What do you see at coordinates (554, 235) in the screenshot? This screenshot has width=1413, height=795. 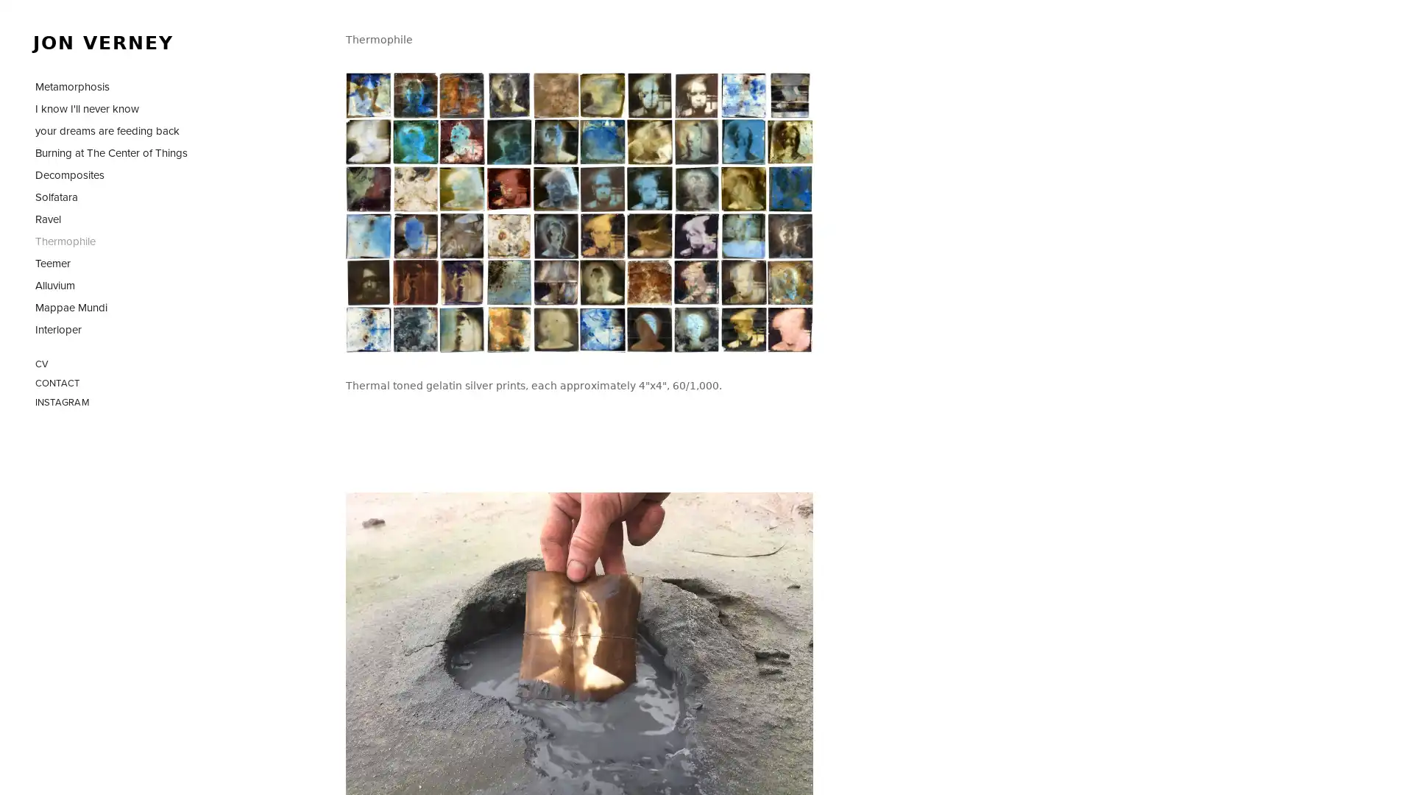 I see `View fullsize jon_verney_thermophile_13.jpg` at bounding box center [554, 235].